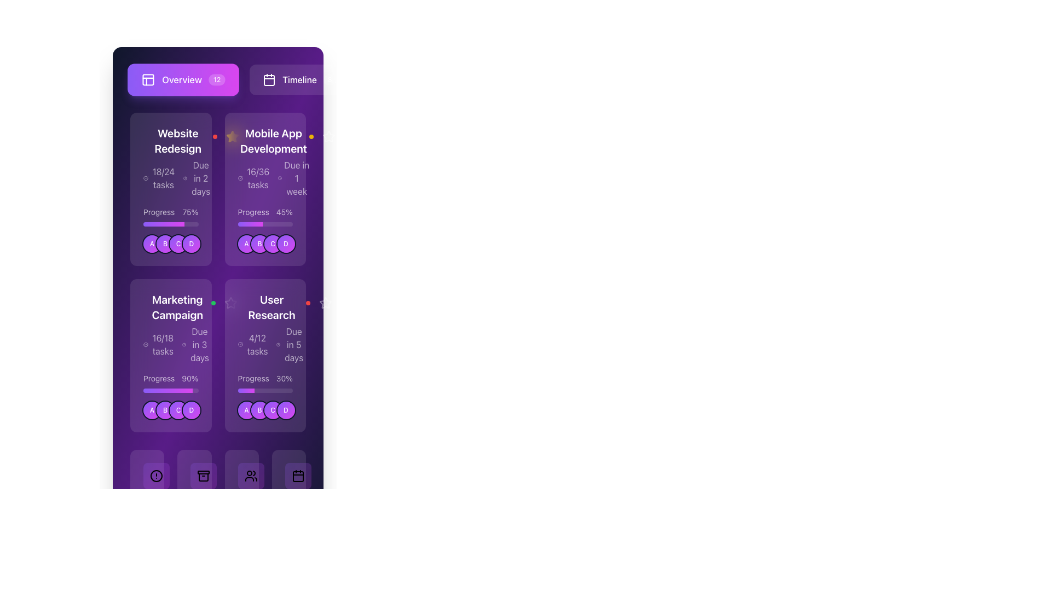  What do you see at coordinates (294, 344) in the screenshot?
I see `the static text label indicating the due date of a task located in the bottom-right corner of the 'User Research' card, below the task progress bar` at bounding box center [294, 344].